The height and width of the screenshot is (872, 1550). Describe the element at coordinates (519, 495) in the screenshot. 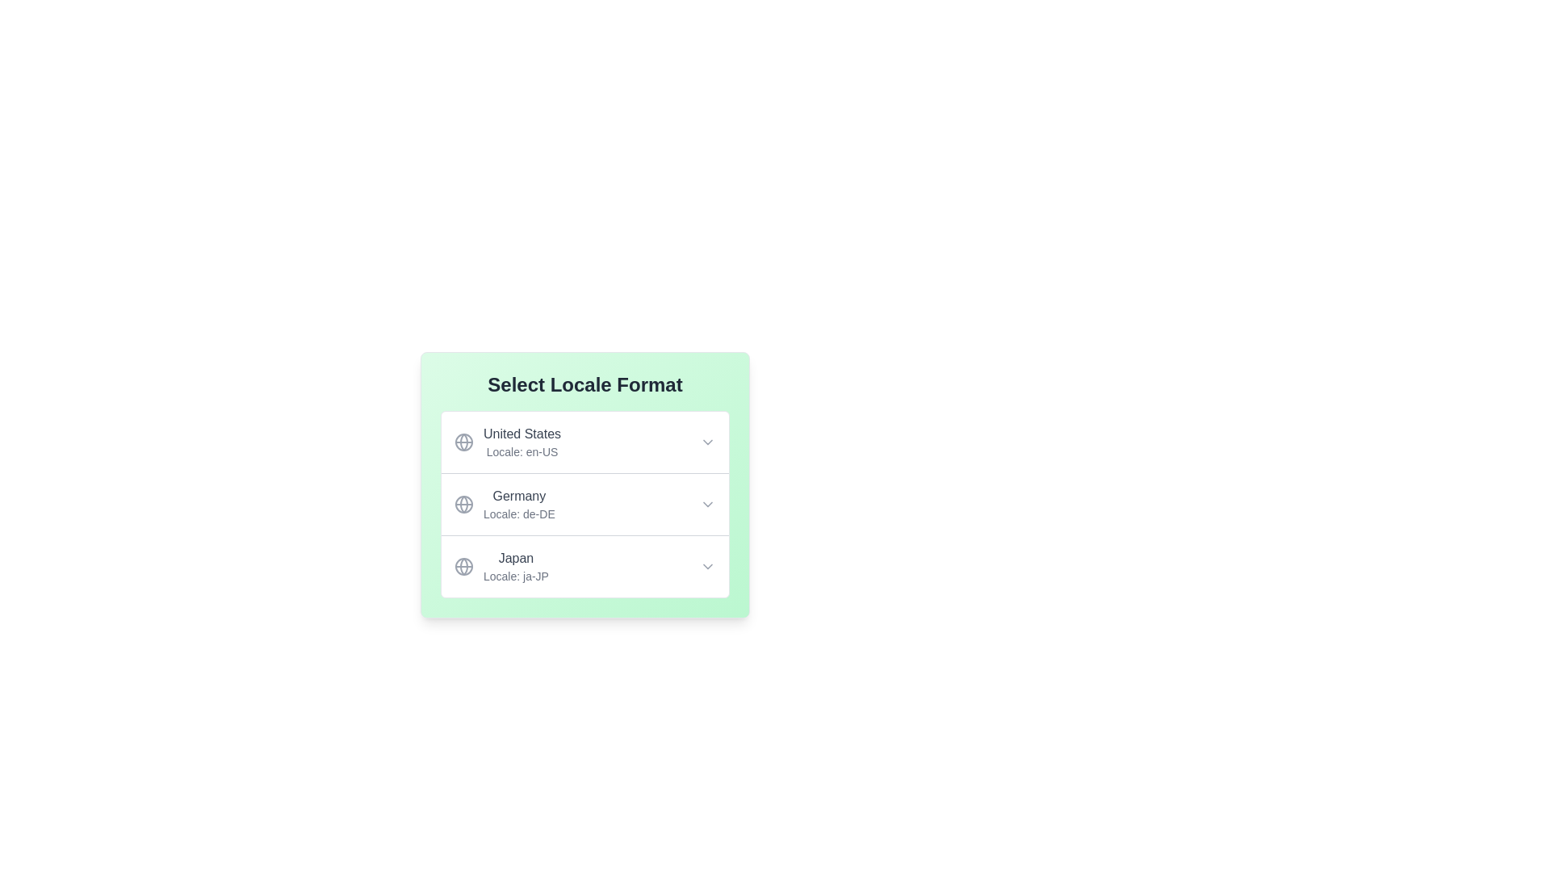

I see `the text label 'Germany' which identifies the country name for the locale option, located in the middle of the list under 'Select Locale Format'` at that location.